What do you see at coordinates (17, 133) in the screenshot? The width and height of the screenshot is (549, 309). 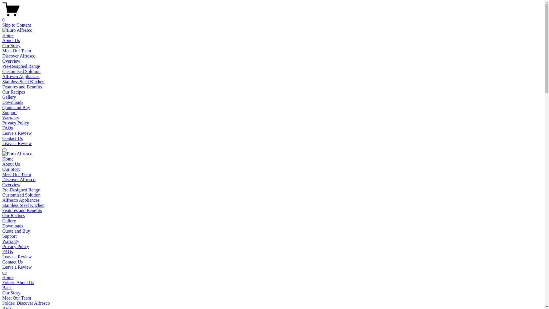 I see `'Leave a Review'` at bounding box center [17, 133].